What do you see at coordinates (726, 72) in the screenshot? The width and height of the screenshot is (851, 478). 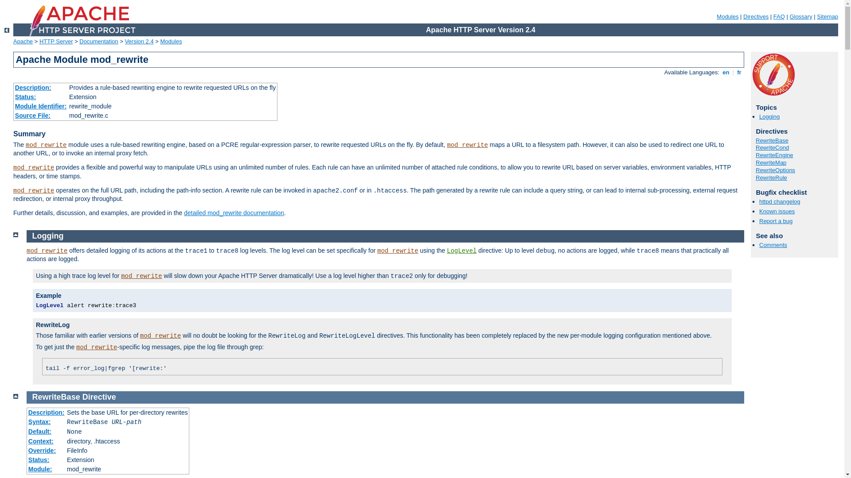 I see `' en '` at bounding box center [726, 72].